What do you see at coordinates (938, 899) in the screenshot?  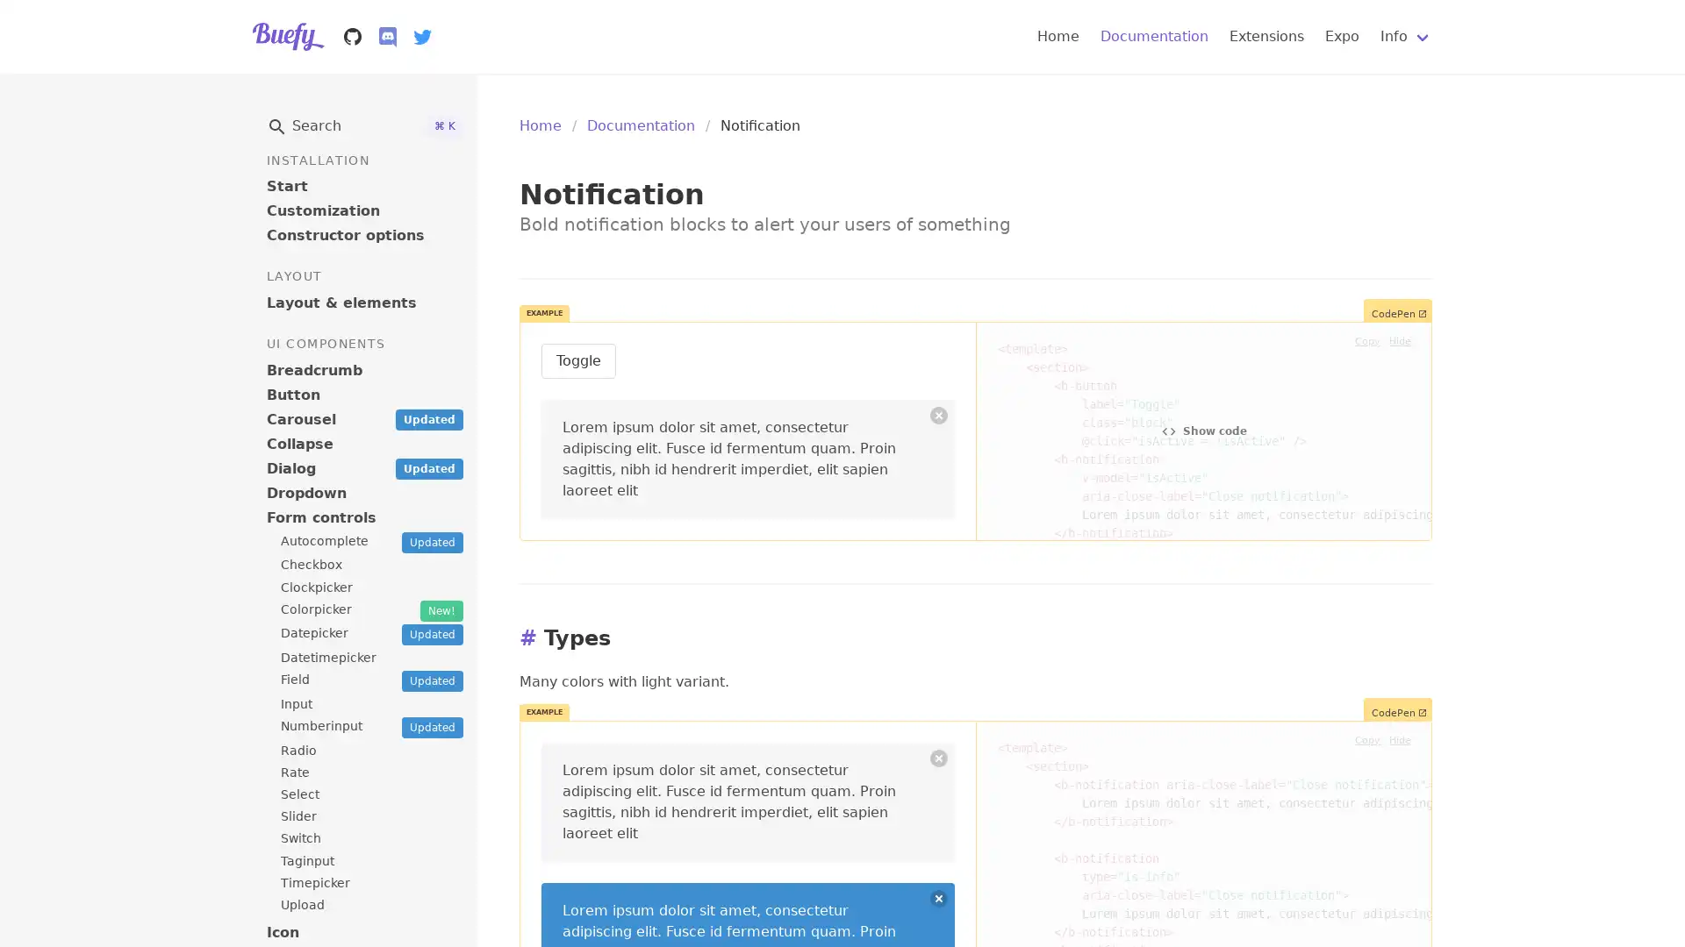 I see `Close notification` at bounding box center [938, 899].